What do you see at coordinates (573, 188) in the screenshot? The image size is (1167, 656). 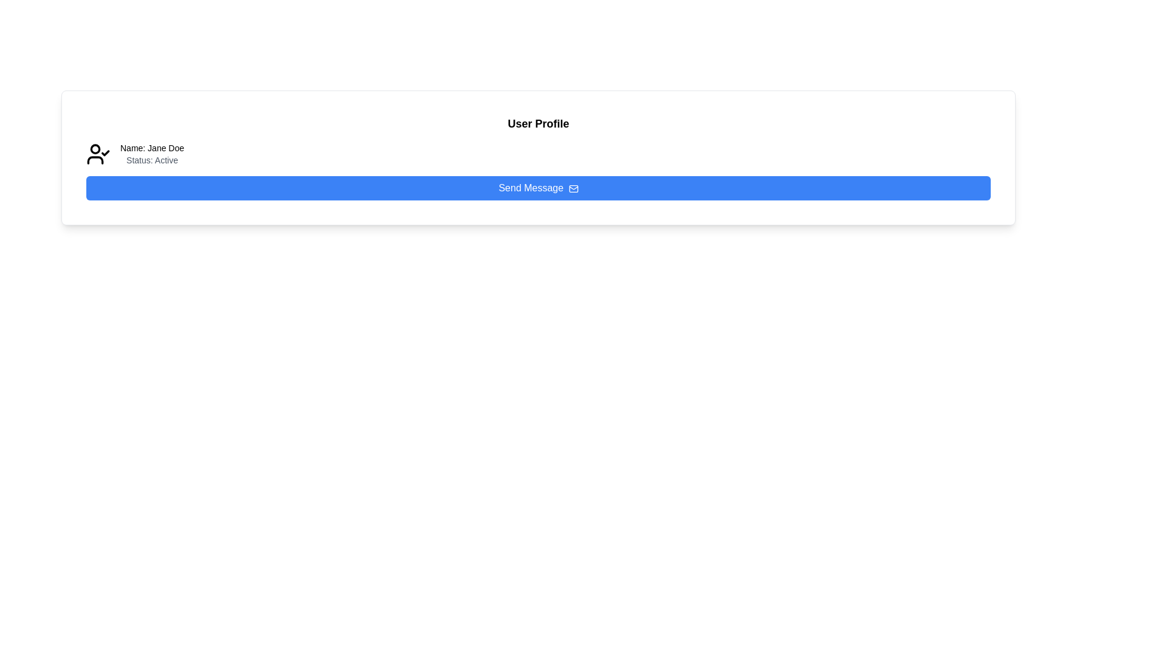 I see `the mail icon within the 'Send Message' button to send a message` at bounding box center [573, 188].